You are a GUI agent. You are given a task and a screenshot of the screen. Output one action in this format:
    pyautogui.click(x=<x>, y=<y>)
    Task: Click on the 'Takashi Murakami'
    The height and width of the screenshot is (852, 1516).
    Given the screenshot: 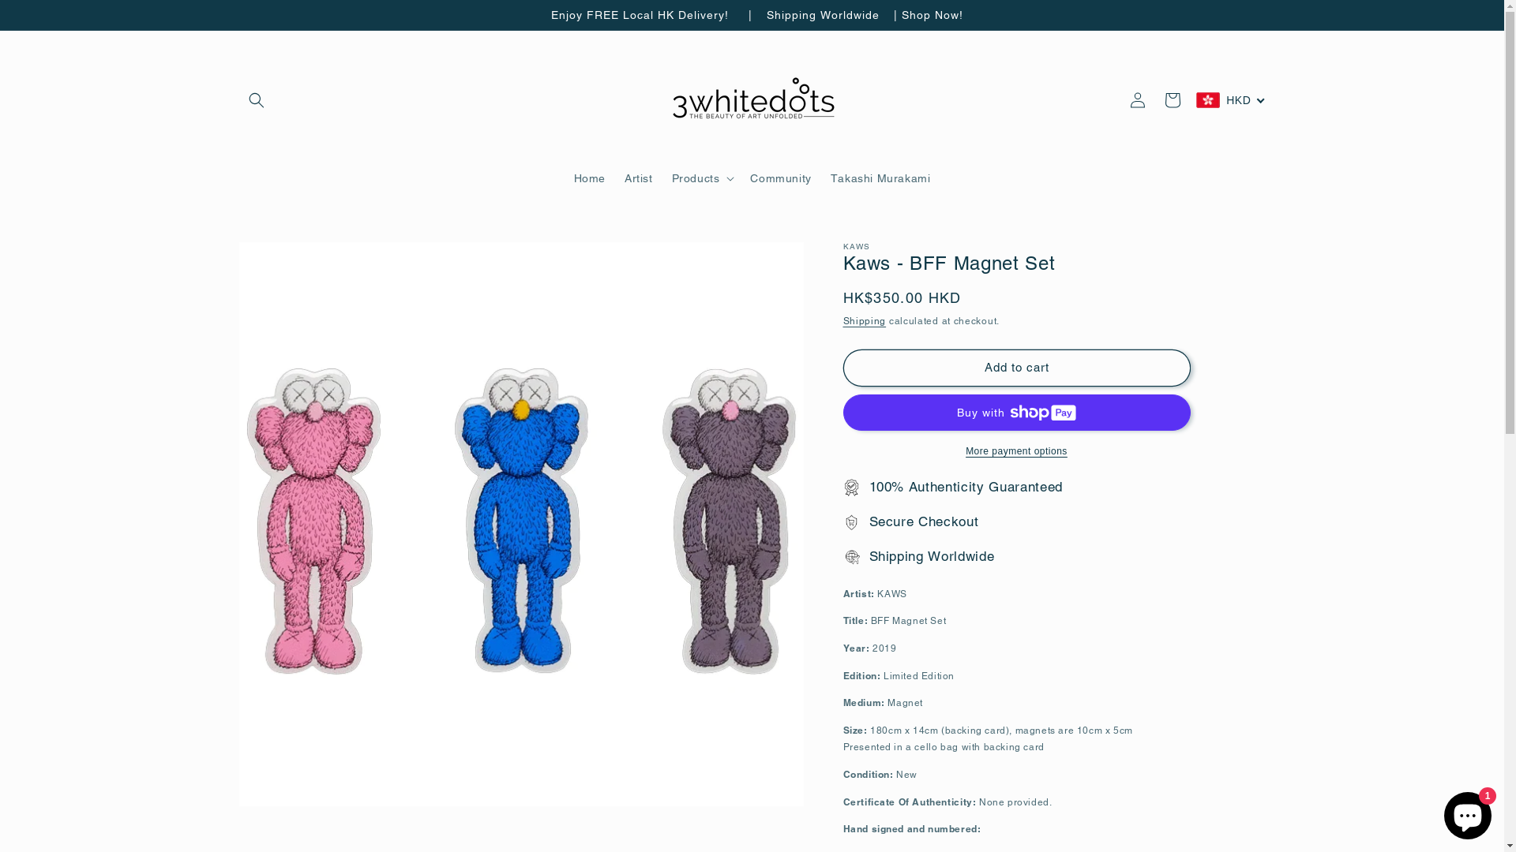 What is the action you would take?
    pyautogui.click(x=880, y=177)
    